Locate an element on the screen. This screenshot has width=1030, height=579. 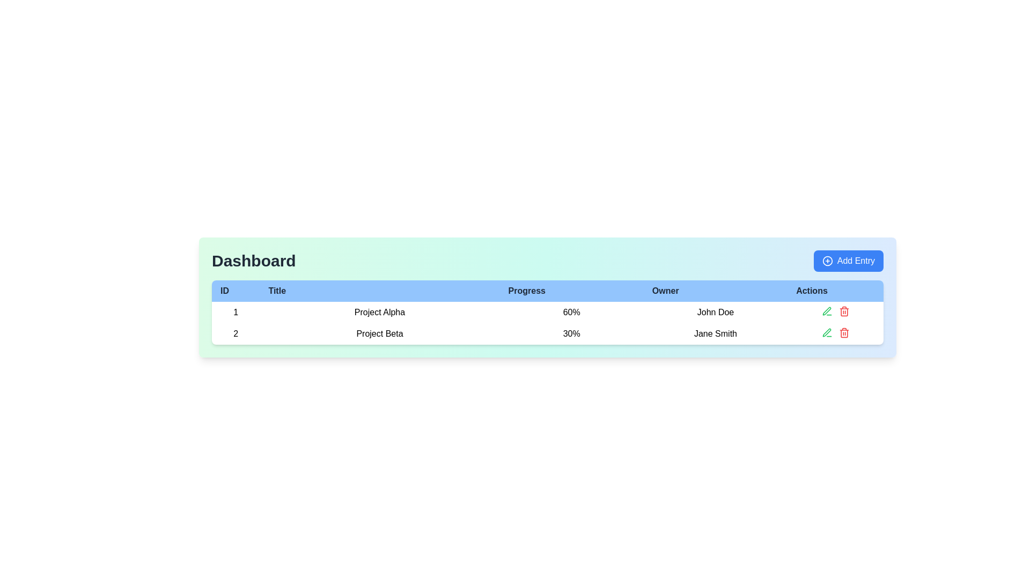
the icon located inside the 'Add Entry' button, specifically to the left of the text label 'Add Entry' is located at coordinates (827, 261).